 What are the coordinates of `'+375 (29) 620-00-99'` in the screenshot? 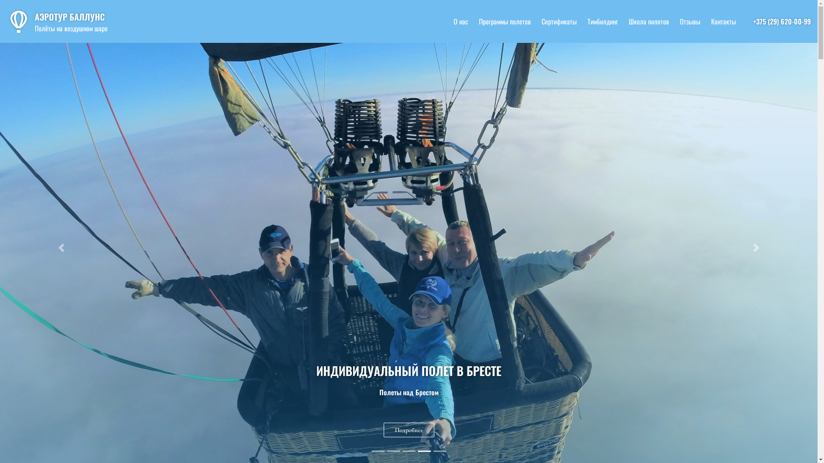 It's located at (782, 21).